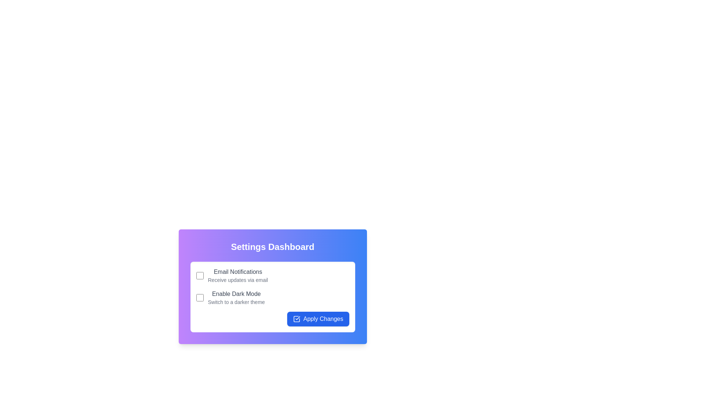 Image resolution: width=706 pixels, height=397 pixels. What do you see at coordinates (296, 318) in the screenshot?
I see `the SVG check icon located on the left side of the 'Apply Changes' button at the bottom right of the interface` at bounding box center [296, 318].